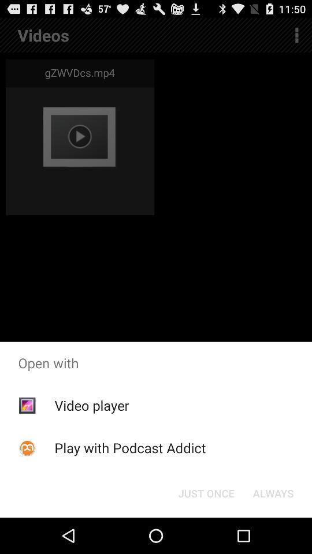 This screenshot has height=554, width=312. Describe the element at coordinates (206, 492) in the screenshot. I see `just once` at that location.